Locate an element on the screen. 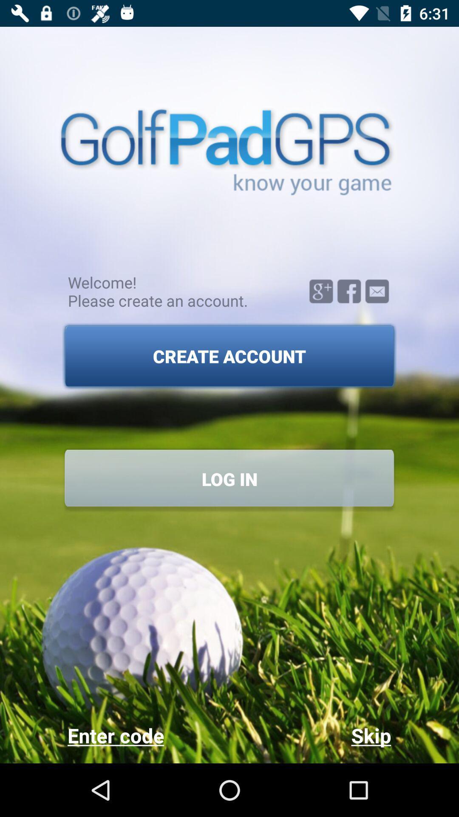  the log in is located at coordinates (229, 479).